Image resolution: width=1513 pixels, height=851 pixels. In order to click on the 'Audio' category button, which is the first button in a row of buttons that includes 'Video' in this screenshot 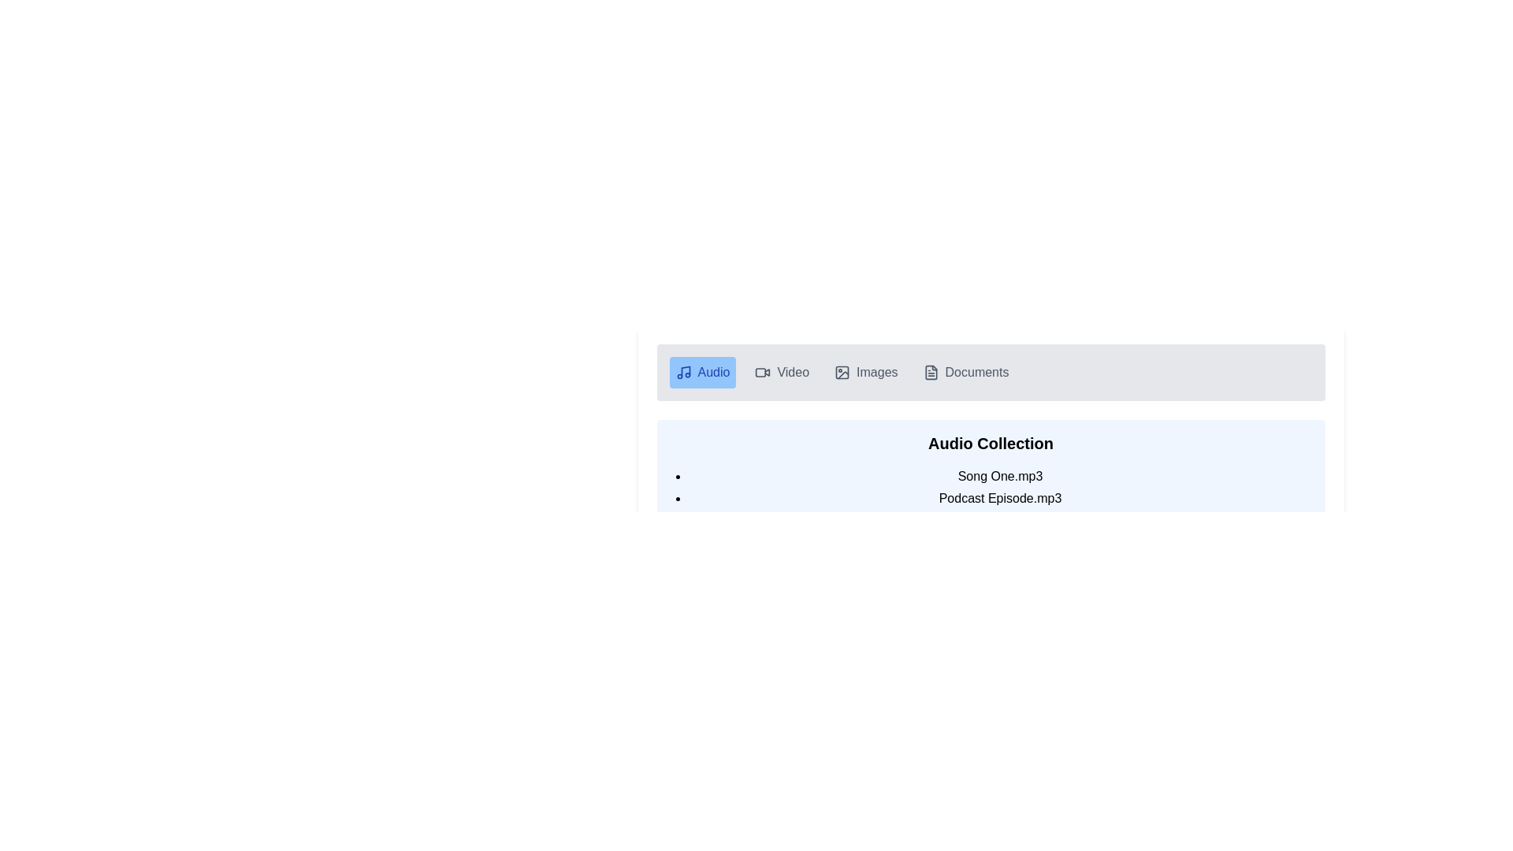, I will do `click(702, 373)`.